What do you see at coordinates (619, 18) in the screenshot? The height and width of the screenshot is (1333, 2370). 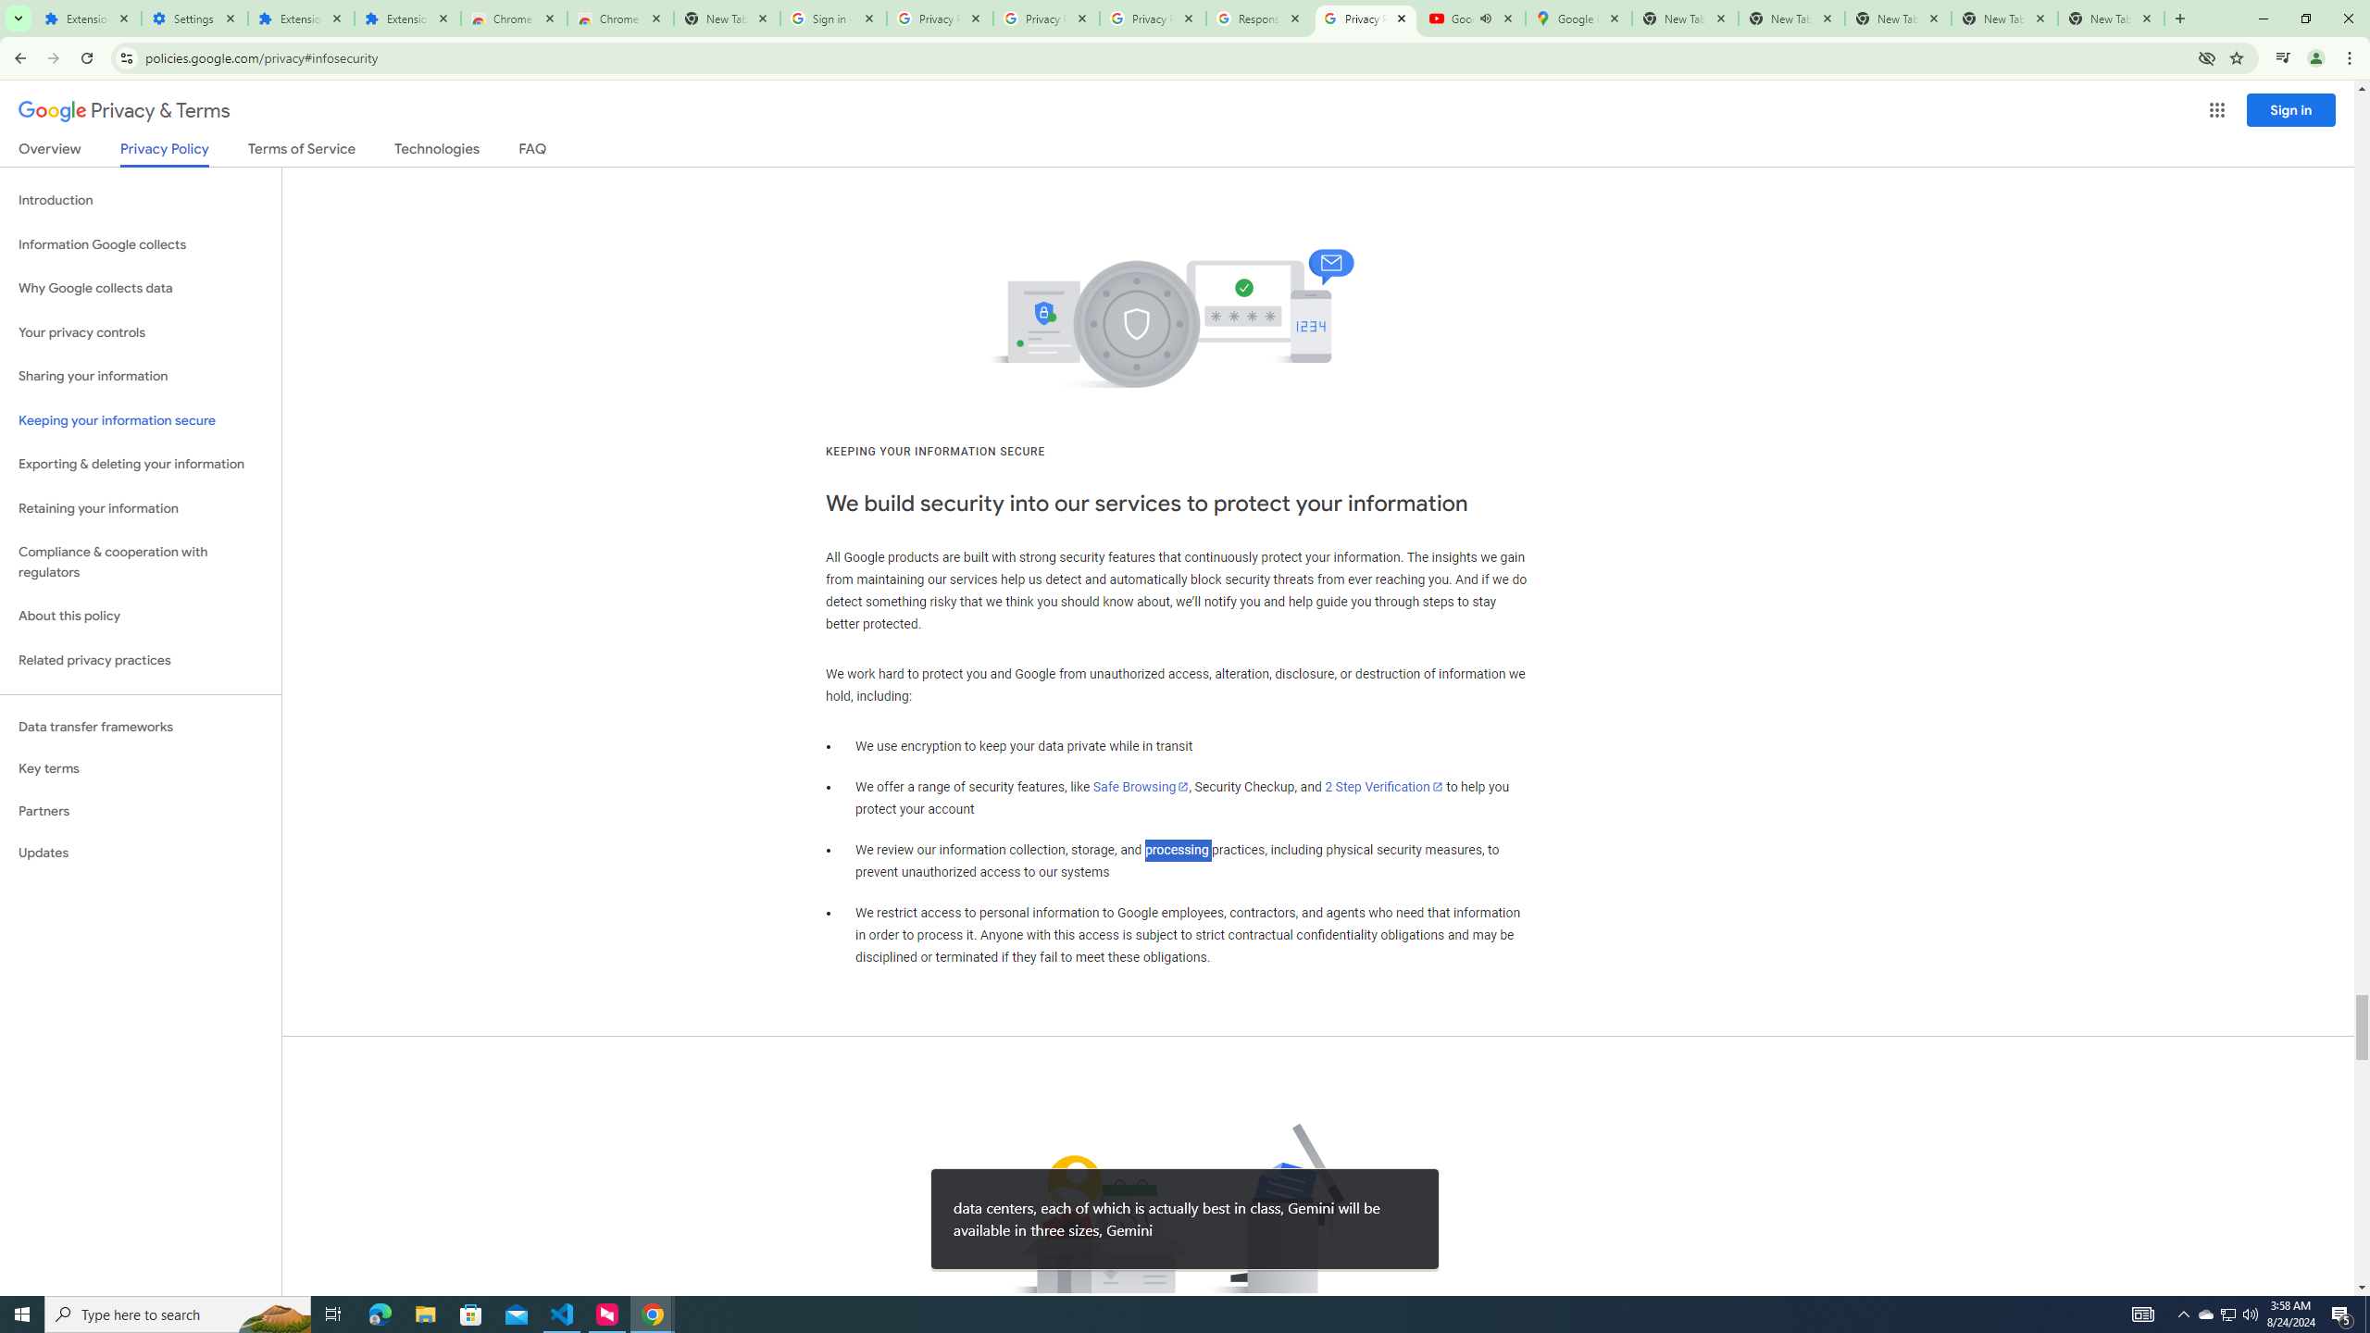 I see `'Chrome Web Store - Themes'` at bounding box center [619, 18].